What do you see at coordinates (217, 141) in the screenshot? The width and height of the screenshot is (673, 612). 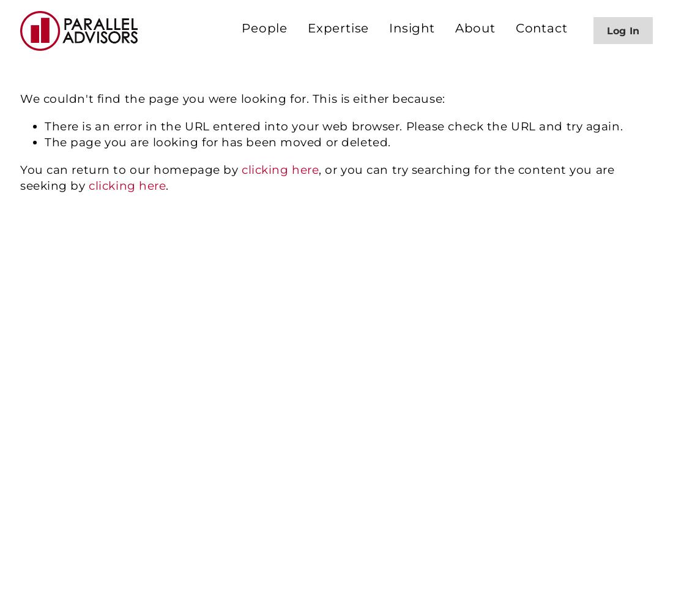 I see `'The page you are looking for has been moved or deleted.'` at bounding box center [217, 141].